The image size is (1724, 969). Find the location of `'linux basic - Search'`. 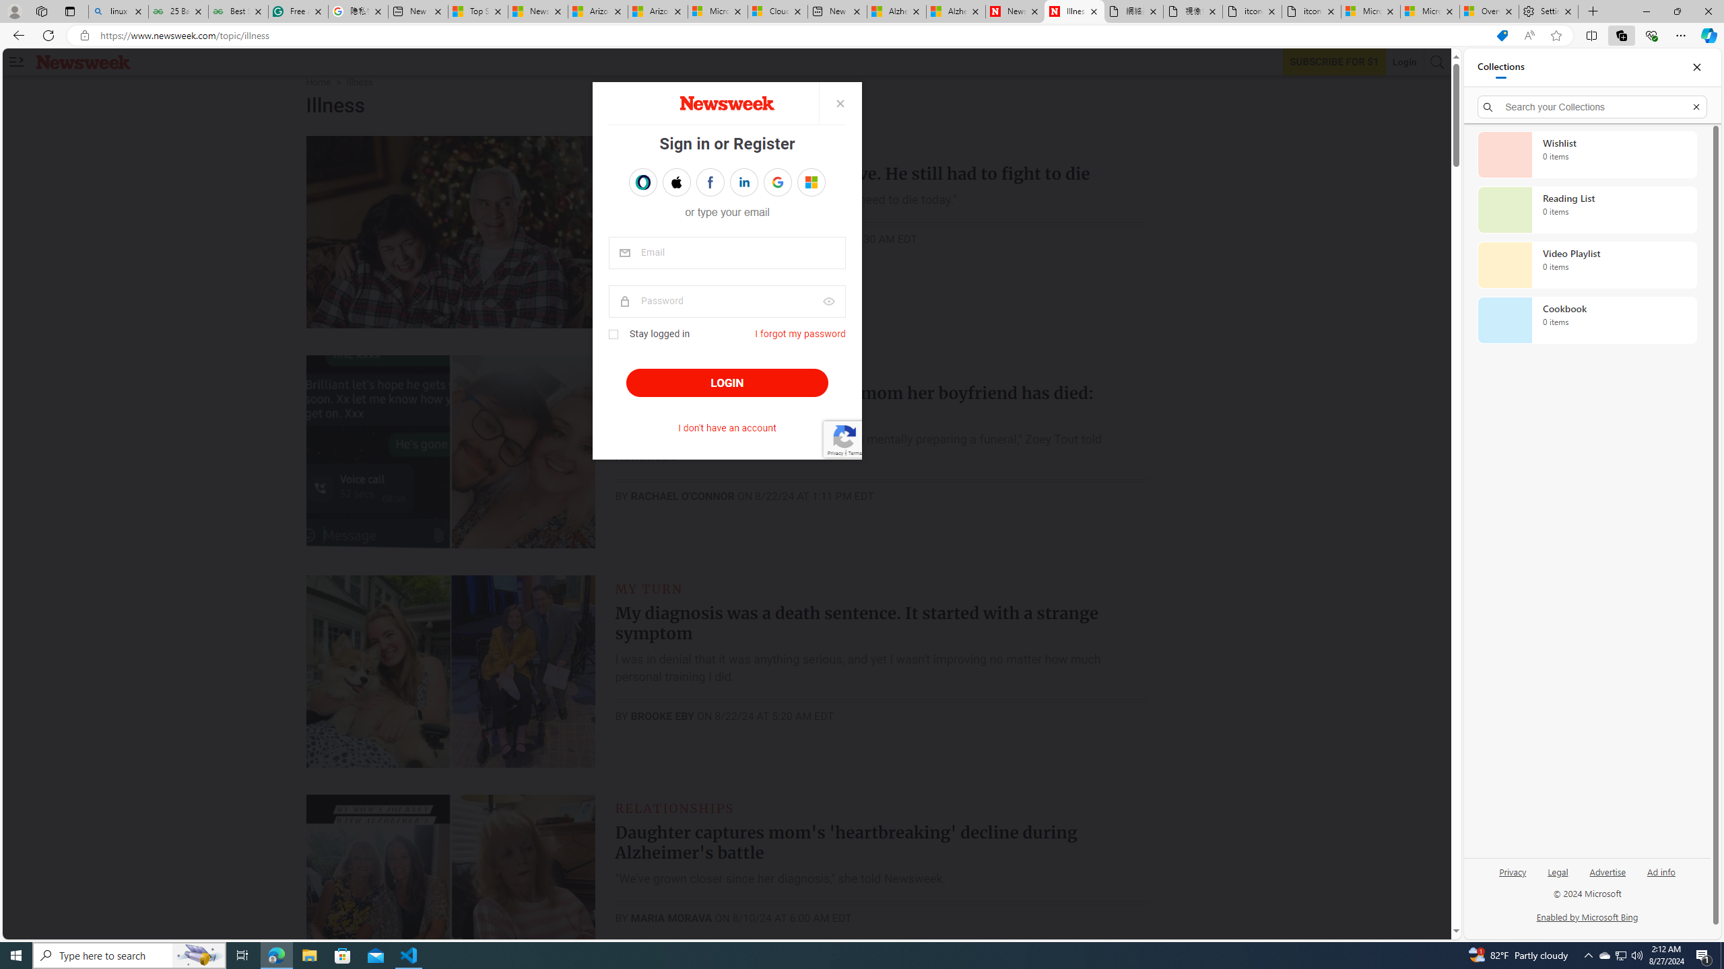

'linux basic - Search' is located at coordinates (118, 11).